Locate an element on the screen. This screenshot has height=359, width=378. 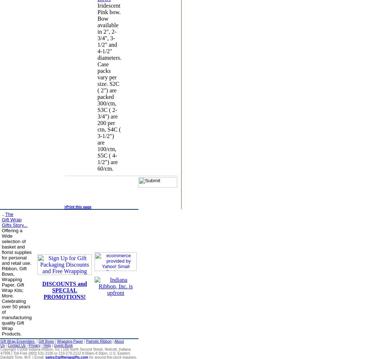
'Wrapping Paper' is located at coordinates (69, 341).